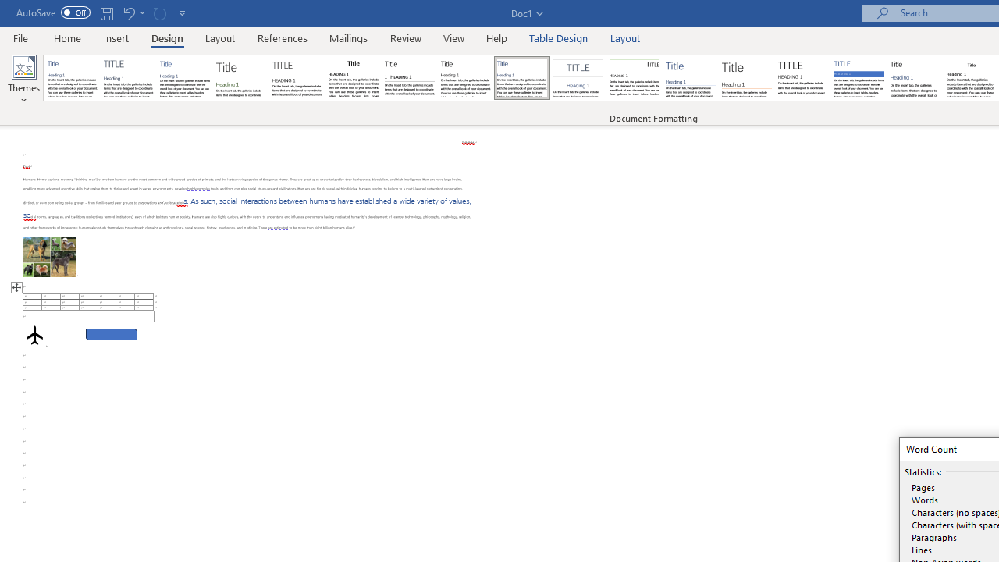 Image resolution: width=999 pixels, height=562 pixels. Describe the element at coordinates (496, 37) in the screenshot. I see `'Help'` at that location.